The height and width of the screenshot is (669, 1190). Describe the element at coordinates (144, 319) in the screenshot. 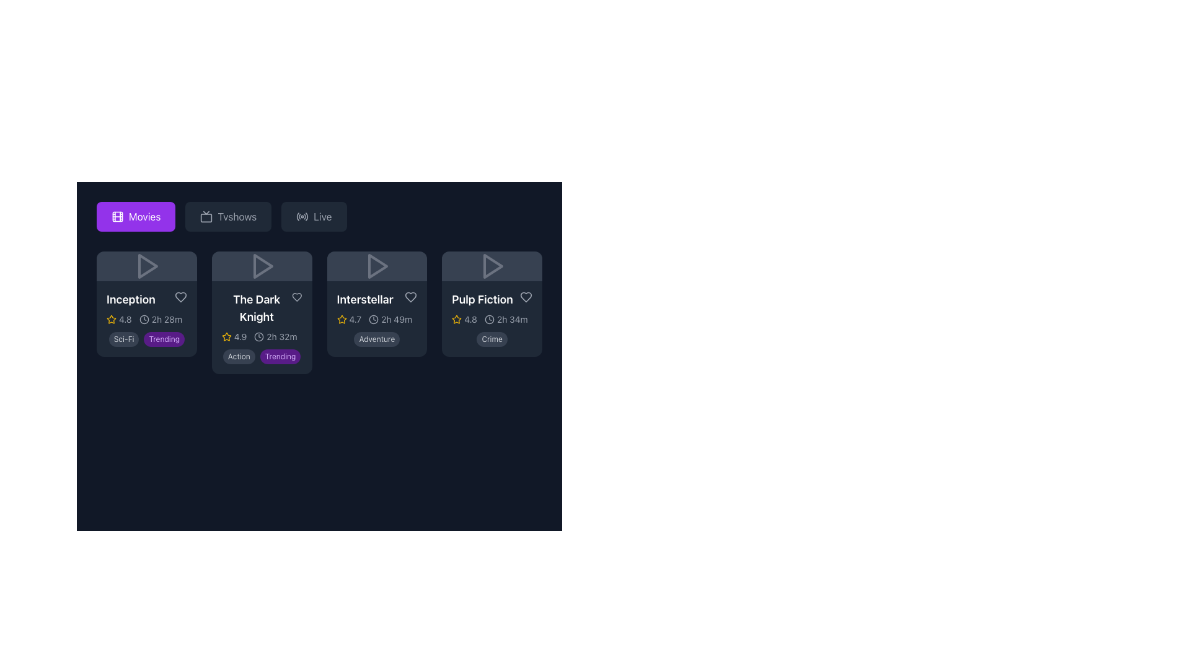

I see `the decorative SVG Circle that is part of the clock icon, centered within the first movie card titled 'Inception', located above the text '2h 28m' under the 'Movies' tab` at that location.